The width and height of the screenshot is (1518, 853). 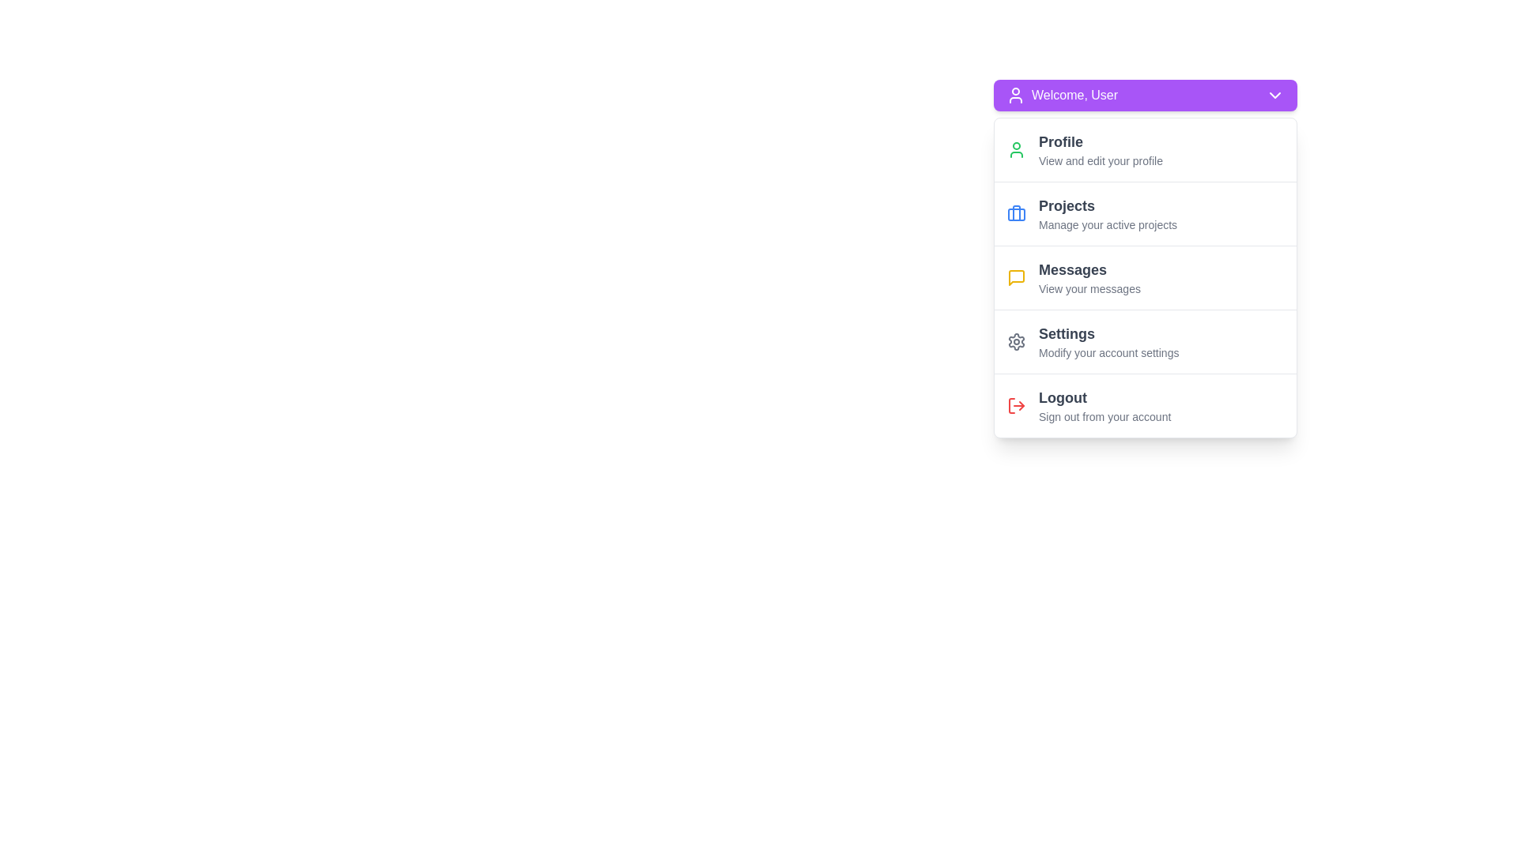 I want to click on the user profile icon, which is a circular SVG graphic displayed in white on a purple background, located to the far left within the header section before the 'Welcome, User' text, so click(x=1016, y=95).